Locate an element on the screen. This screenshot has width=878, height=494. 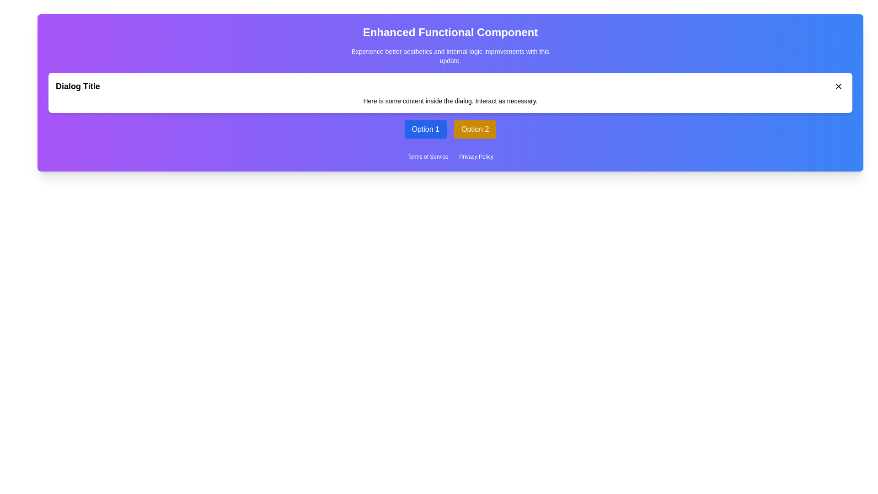
the close icon located in the top-right corner of the dialog box is located at coordinates (838, 86).